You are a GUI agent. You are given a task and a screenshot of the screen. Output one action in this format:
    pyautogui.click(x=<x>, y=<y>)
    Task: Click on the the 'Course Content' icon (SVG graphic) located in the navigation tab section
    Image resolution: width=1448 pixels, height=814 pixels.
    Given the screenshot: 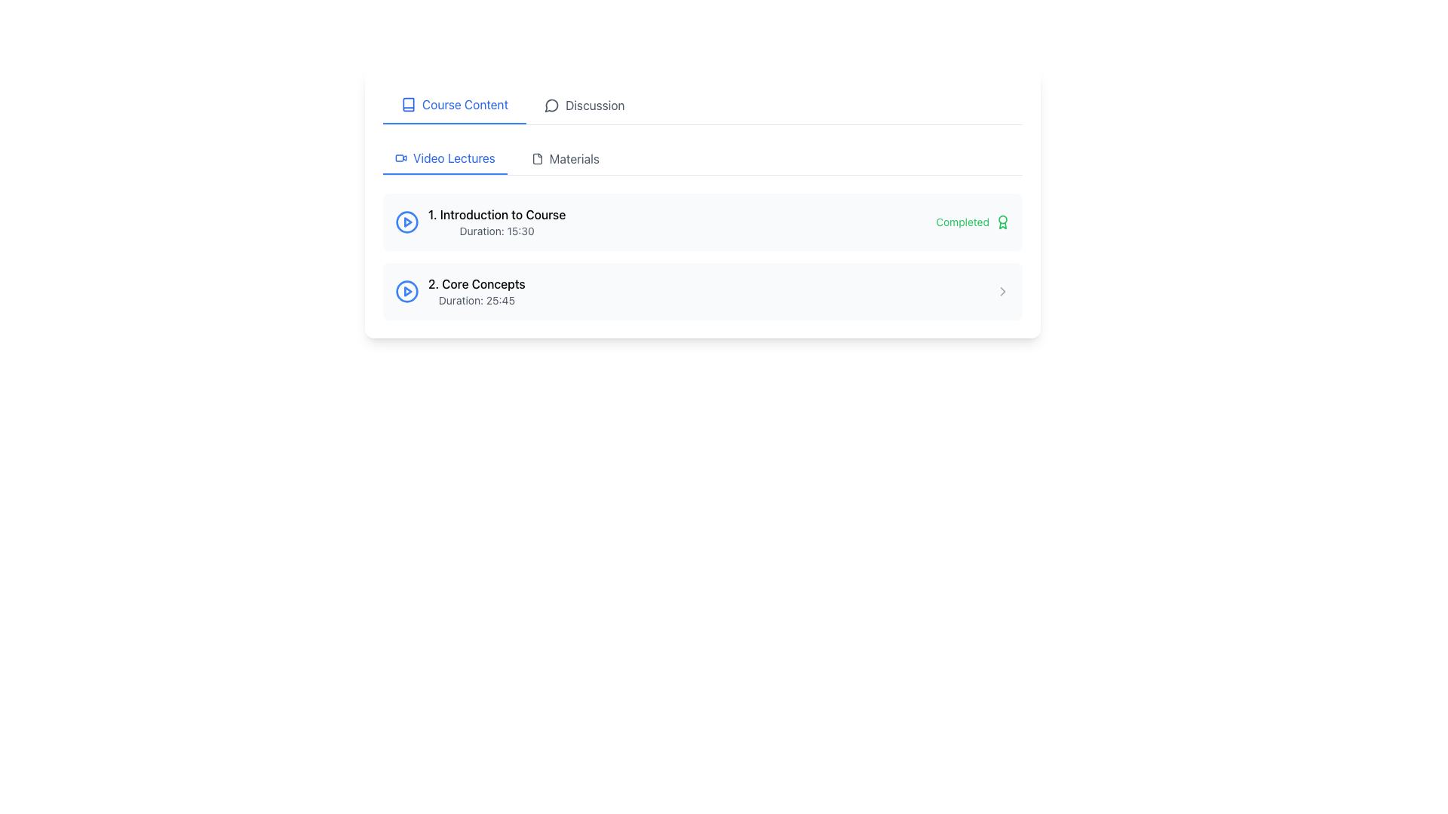 What is the action you would take?
    pyautogui.click(x=409, y=103)
    